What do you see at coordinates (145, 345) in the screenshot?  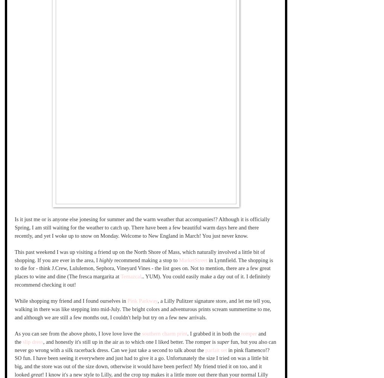 I see `'fun, but you also can never go wrong with a silk racerback dress. Can we just take a second to talk about the'` at bounding box center [145, 345].